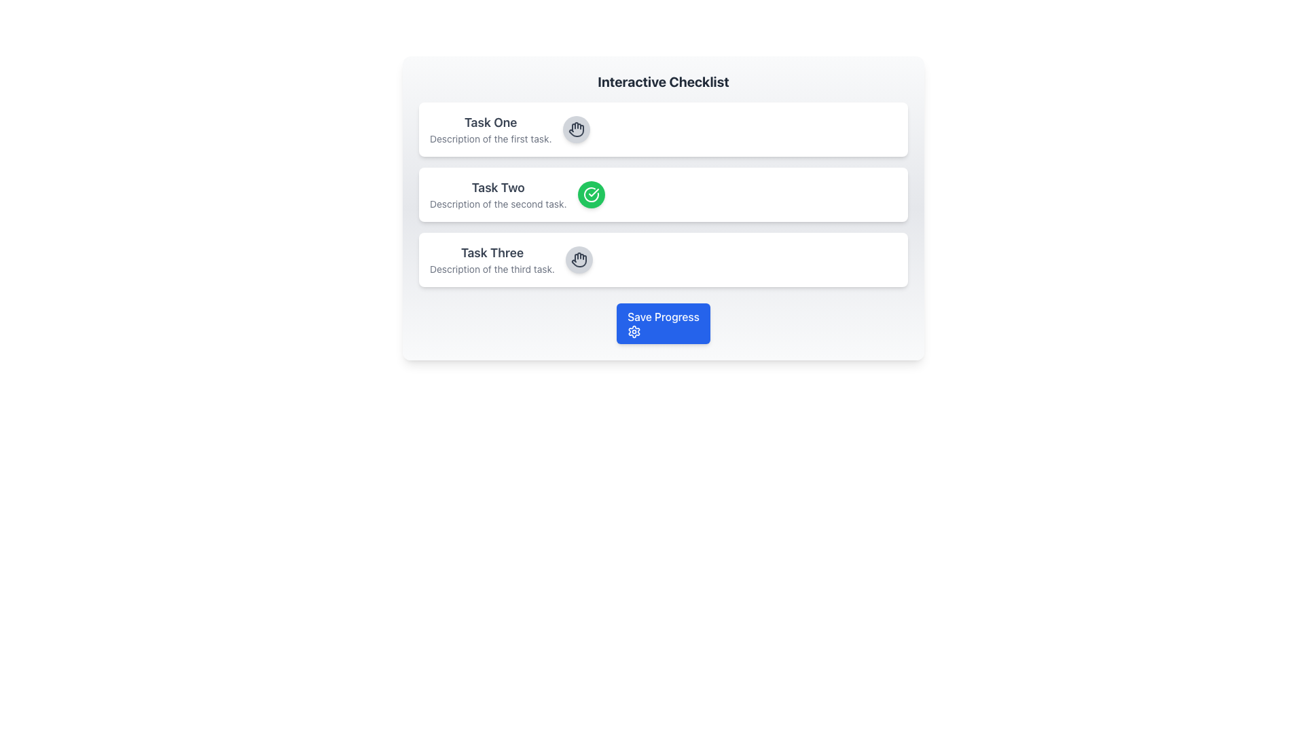 This screenshot has width=1304, height=733. I want to click on the circular button icon for toggling the completion state of Task Three in the checklist located on the right side of the 'Task Three' row, so click(576, 130).